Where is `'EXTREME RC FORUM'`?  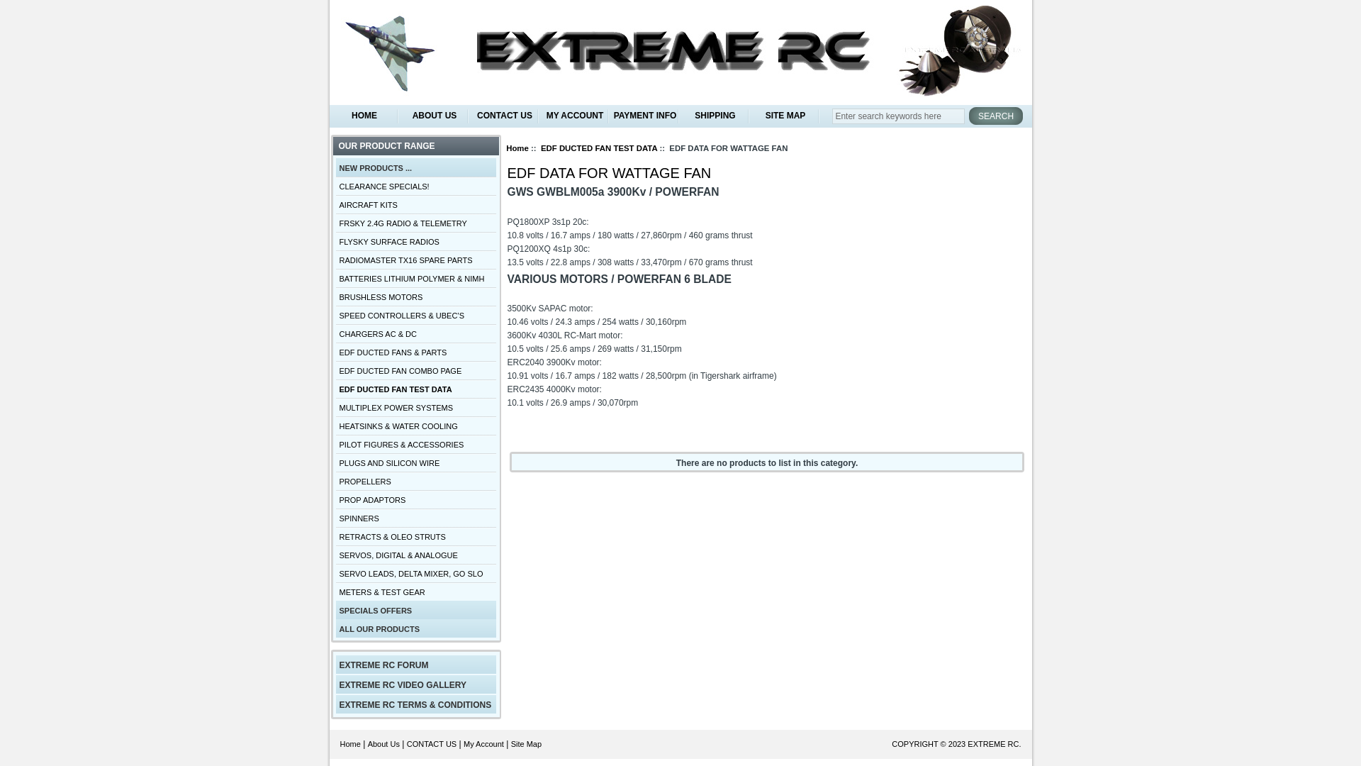
'EXTREME RC FORUM' is located at coordinates (415, 665).